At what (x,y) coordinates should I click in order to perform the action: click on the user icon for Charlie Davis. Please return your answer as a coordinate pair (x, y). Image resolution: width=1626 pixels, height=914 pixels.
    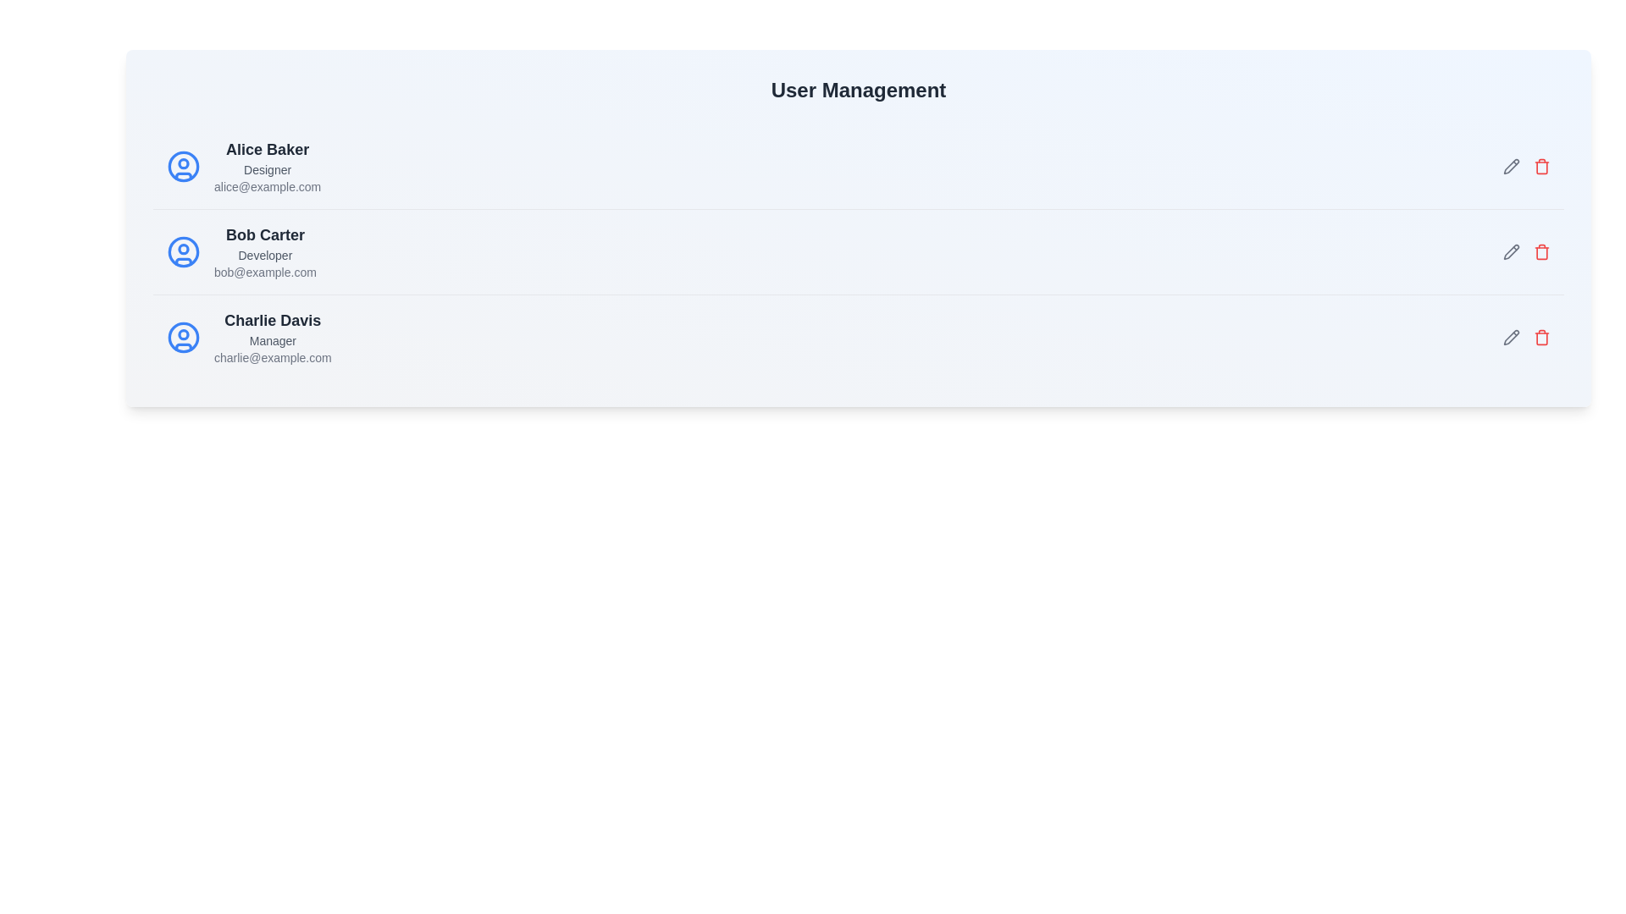
    Looking at the image, I should click on (183, 337).